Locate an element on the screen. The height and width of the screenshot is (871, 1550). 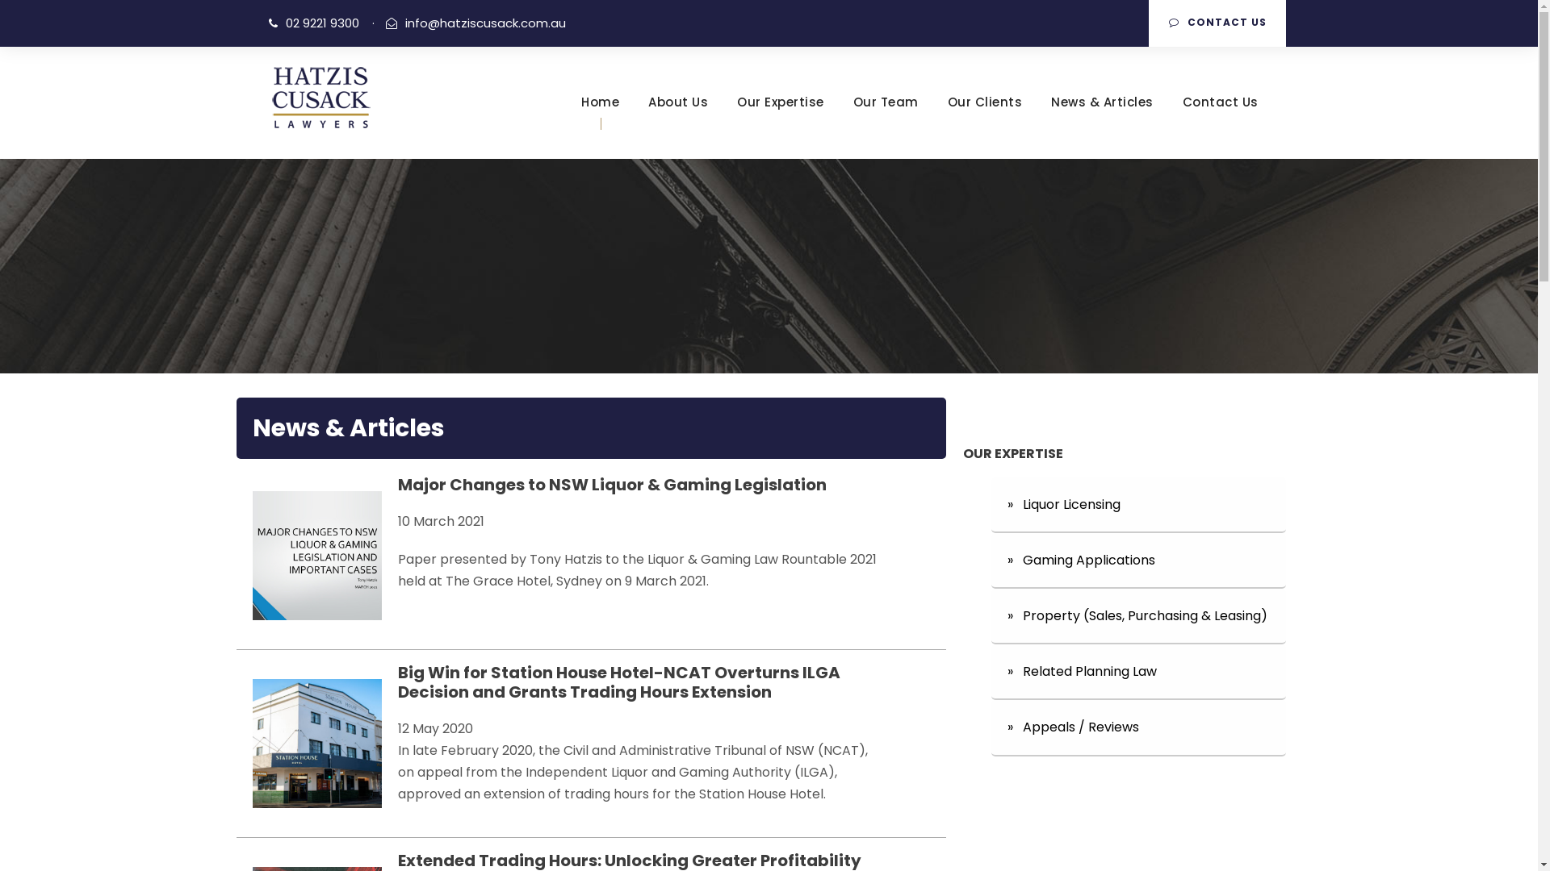
'News & Articles' is located at coordinates (1101, 124).